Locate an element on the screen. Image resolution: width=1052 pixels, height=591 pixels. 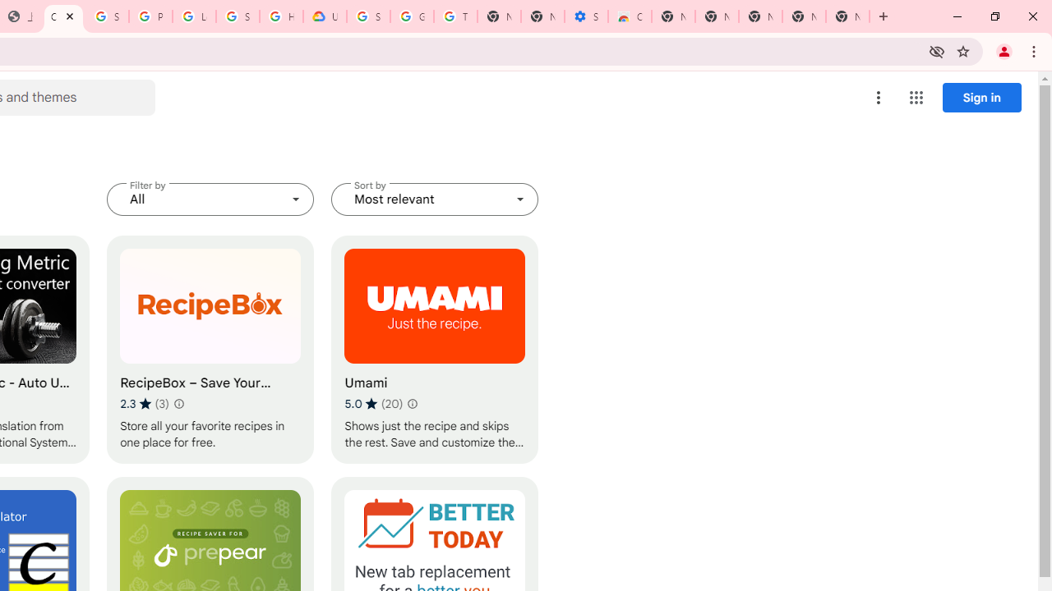
'Sign in - Google Accounts' is located at coordinates (106, 16).